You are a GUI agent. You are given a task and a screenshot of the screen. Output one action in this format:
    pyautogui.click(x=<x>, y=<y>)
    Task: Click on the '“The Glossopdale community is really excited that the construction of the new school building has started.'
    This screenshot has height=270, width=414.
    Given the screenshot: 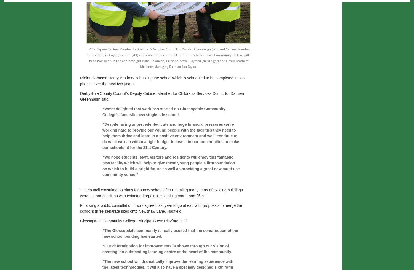 What is the action you would take?
    pyautogui.click(x=170, y=233)
    